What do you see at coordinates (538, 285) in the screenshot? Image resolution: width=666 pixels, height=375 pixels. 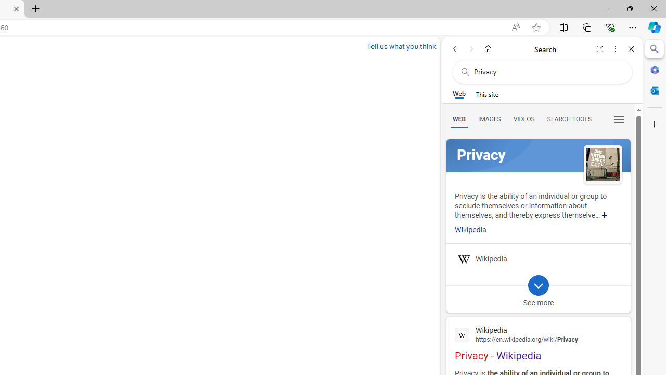 I see `'Class: b_exp_chevron_svg b_expmob_chev'` at bounding box center [538, 285].